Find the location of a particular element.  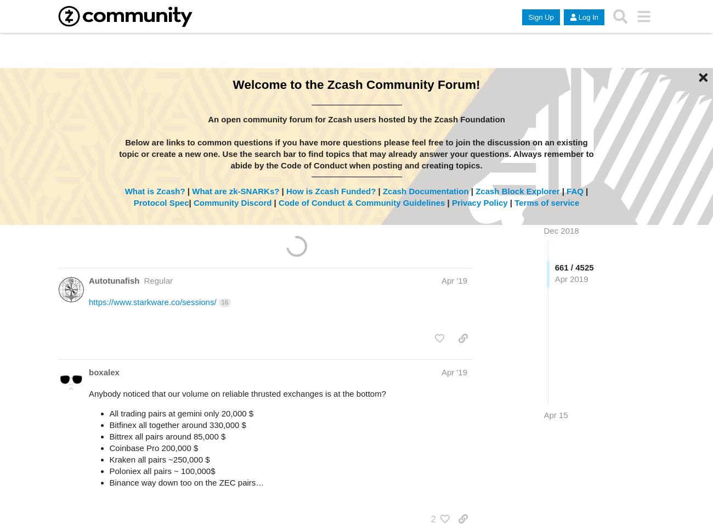

'How is Zcash Funded?' is located at coordinates (286, 190).